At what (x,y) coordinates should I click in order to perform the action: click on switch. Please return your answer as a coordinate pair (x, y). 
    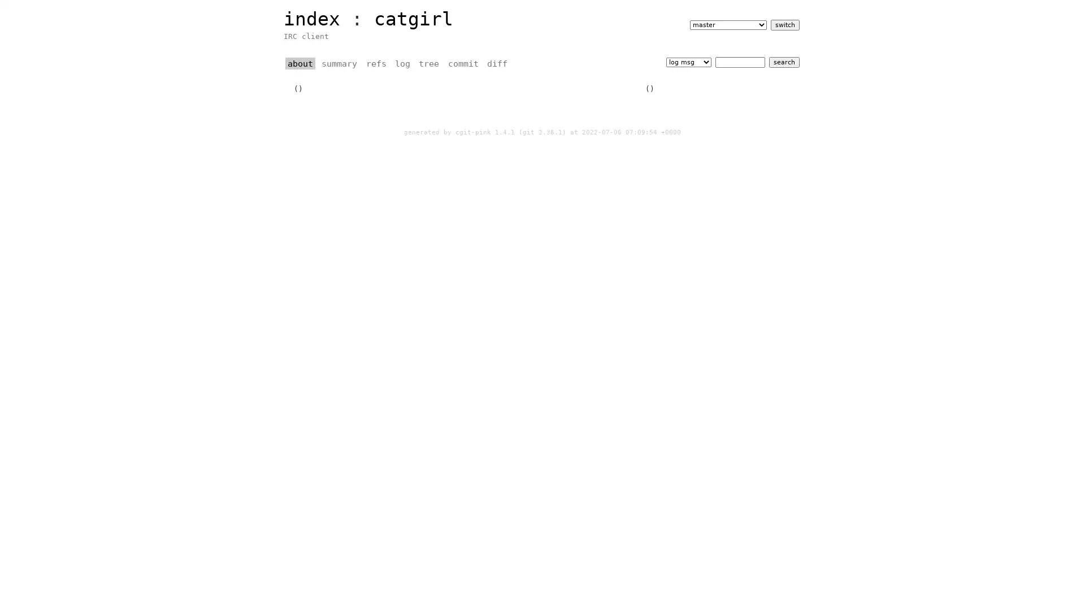
    Looking at the image, I should click on (784, 24).